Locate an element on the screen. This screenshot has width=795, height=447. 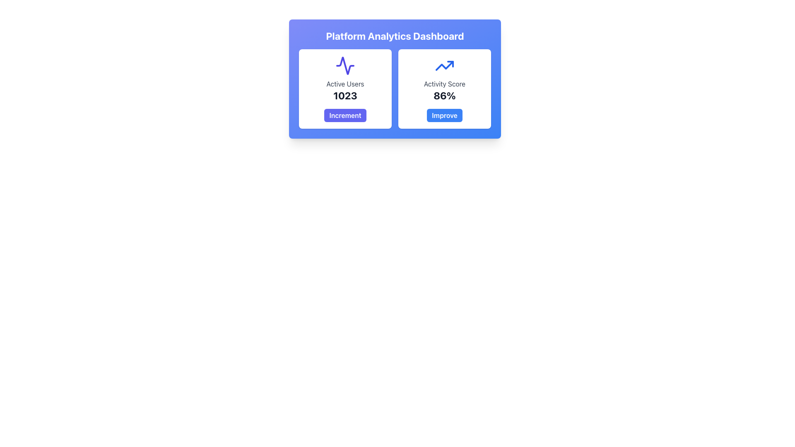
the SVG Icon representing 'Active Users' in the left card of the two-column layout is located at coordinates (345, 65).